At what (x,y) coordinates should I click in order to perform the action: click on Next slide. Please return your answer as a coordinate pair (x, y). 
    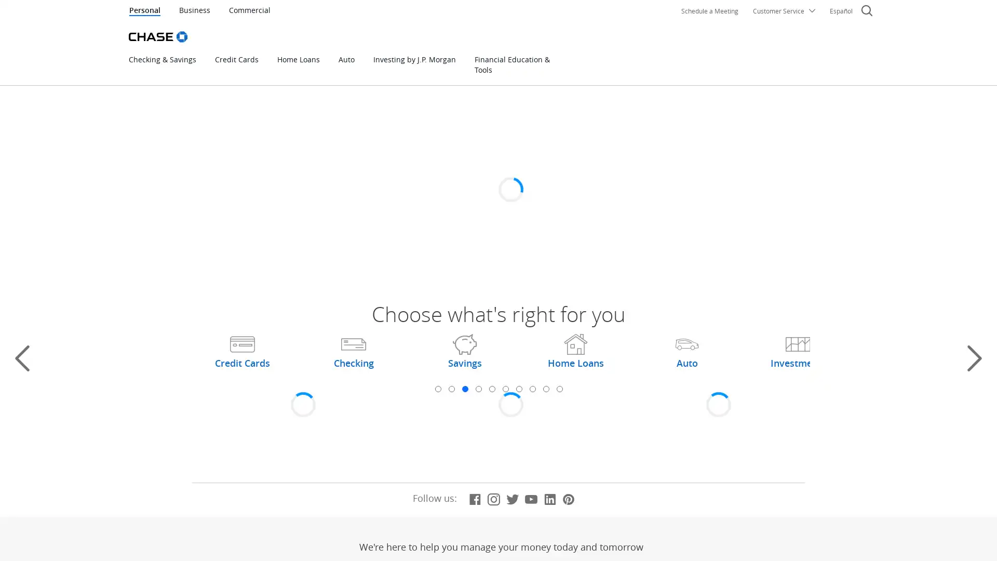
    Looking at the image, I should click on (974, 358).